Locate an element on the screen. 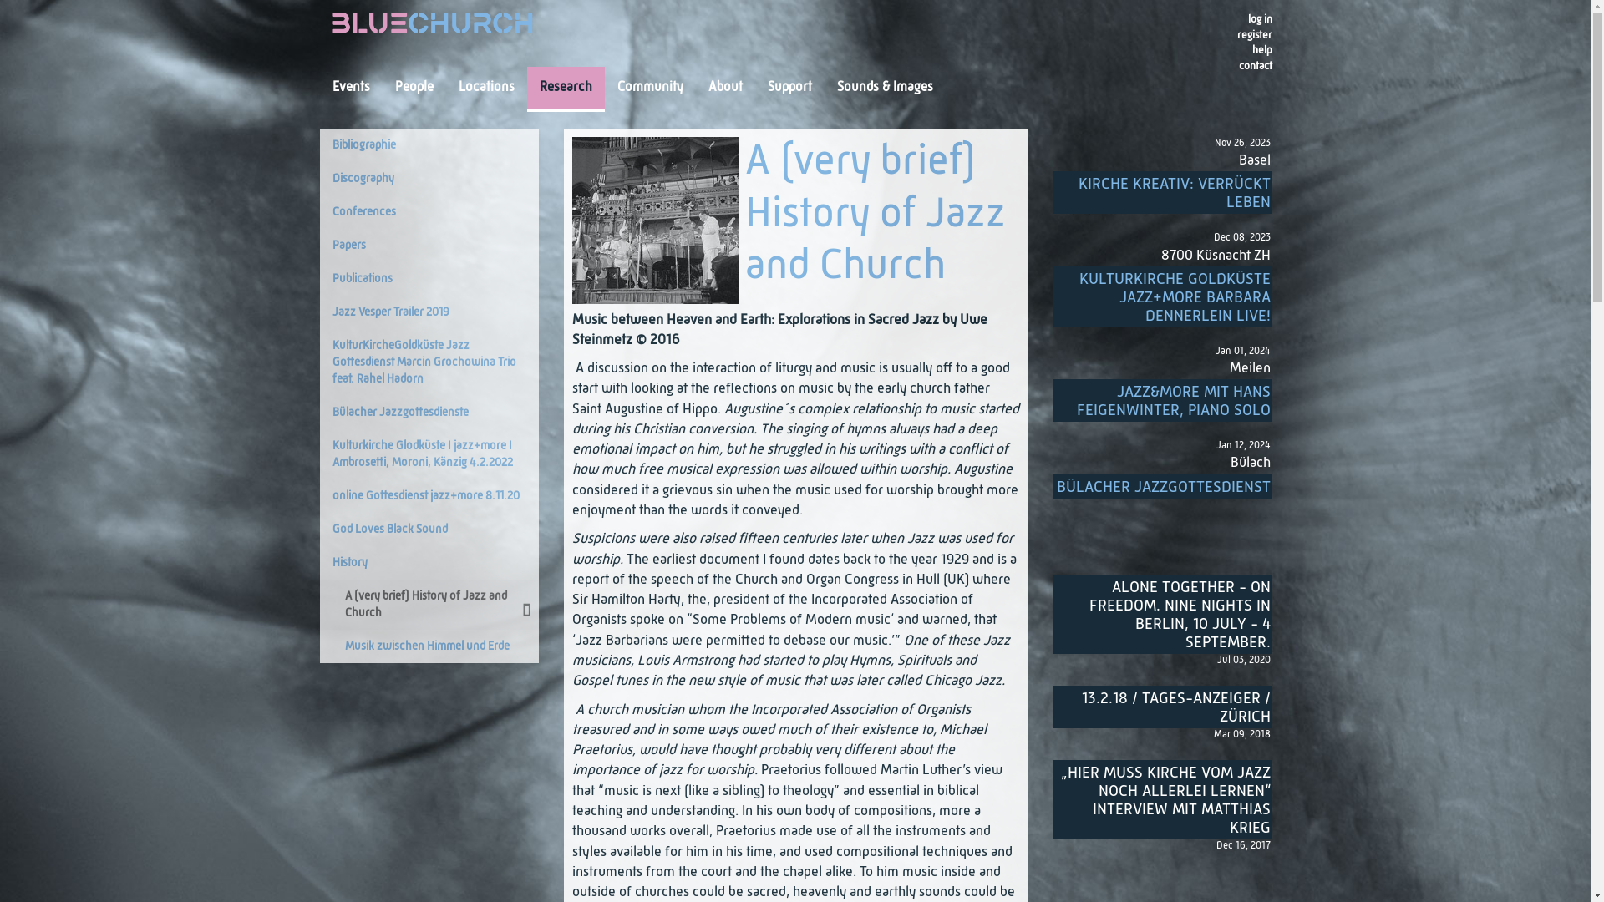 The width and height of the screenshot is (1604, 902). 'Research' is located at coordinates (565, 87).